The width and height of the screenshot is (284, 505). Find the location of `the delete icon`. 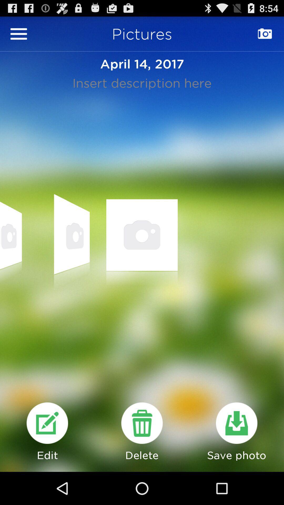

the delete icon is located at coordinates (142, 452).